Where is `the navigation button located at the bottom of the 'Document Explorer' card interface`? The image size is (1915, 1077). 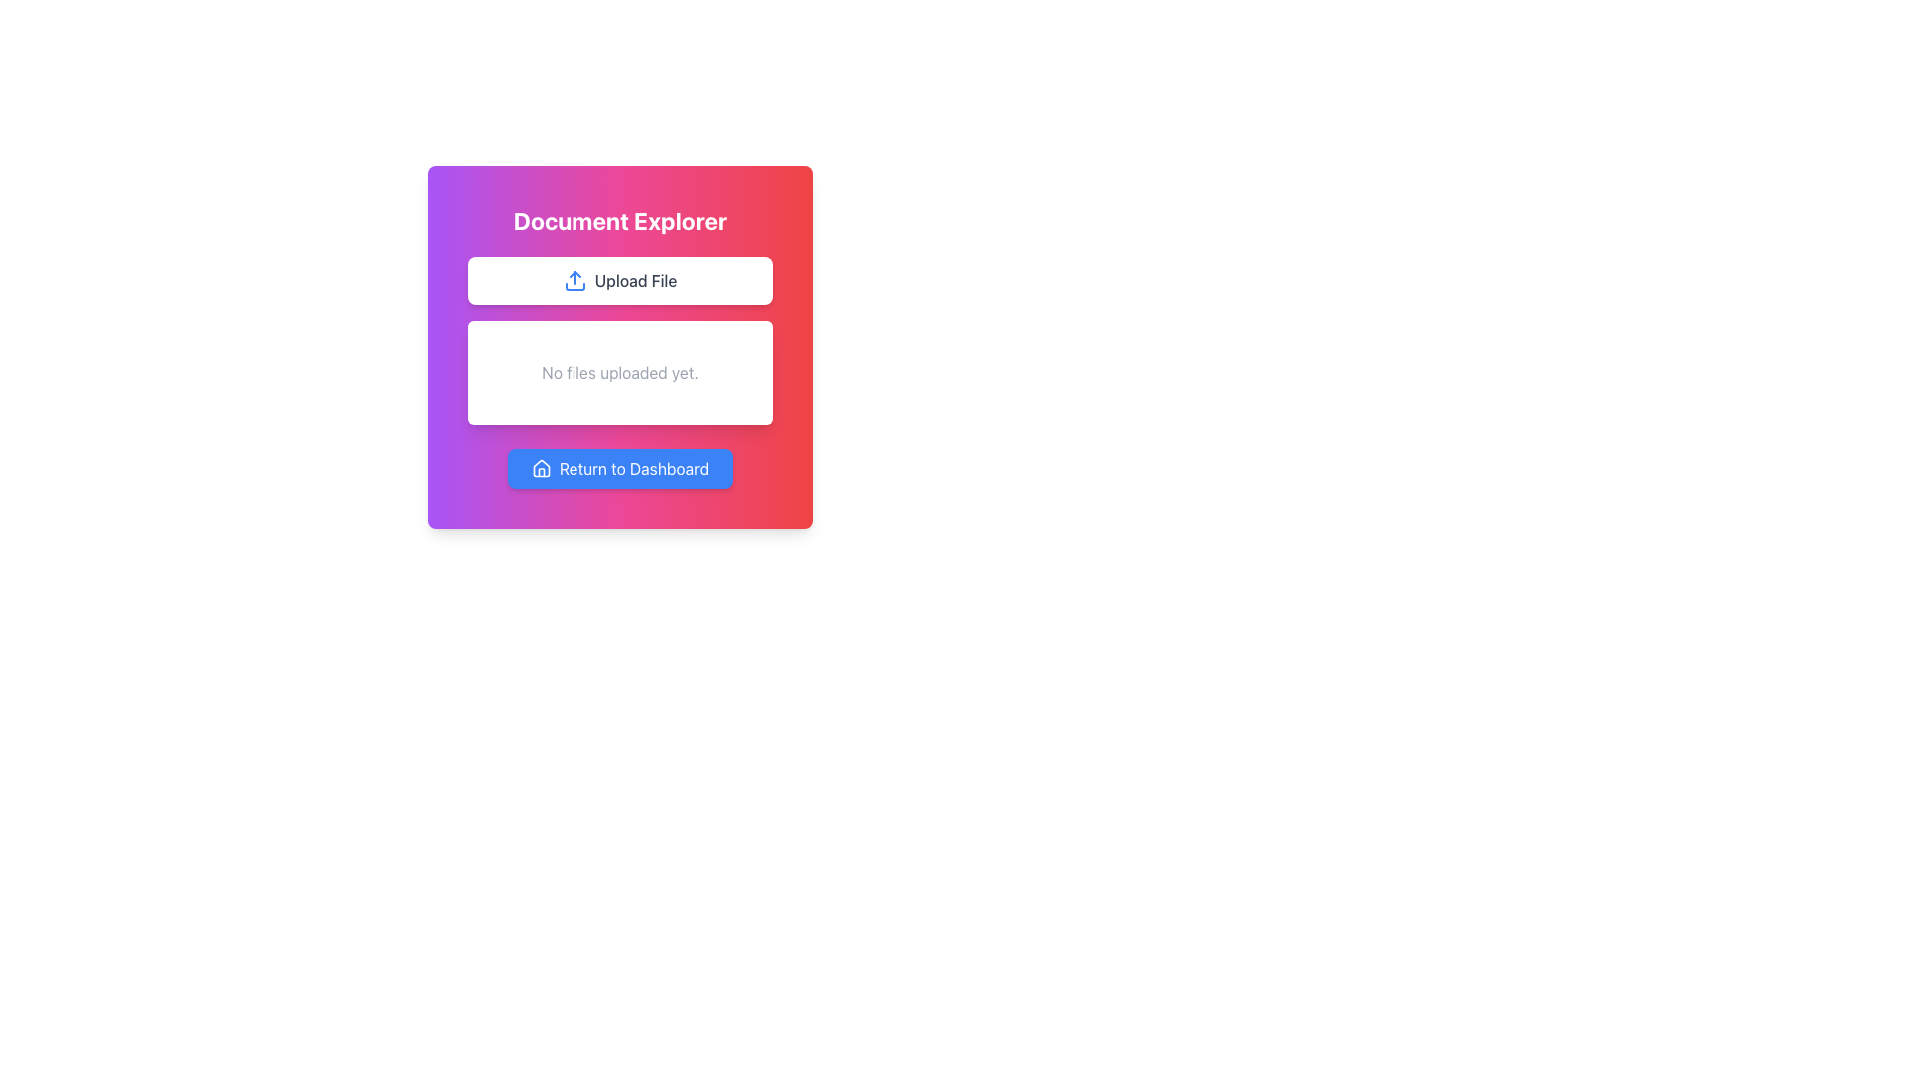
the navigation button located at the bottom of the 'Document Explorer' card interface is located at coordinates (619, 469).